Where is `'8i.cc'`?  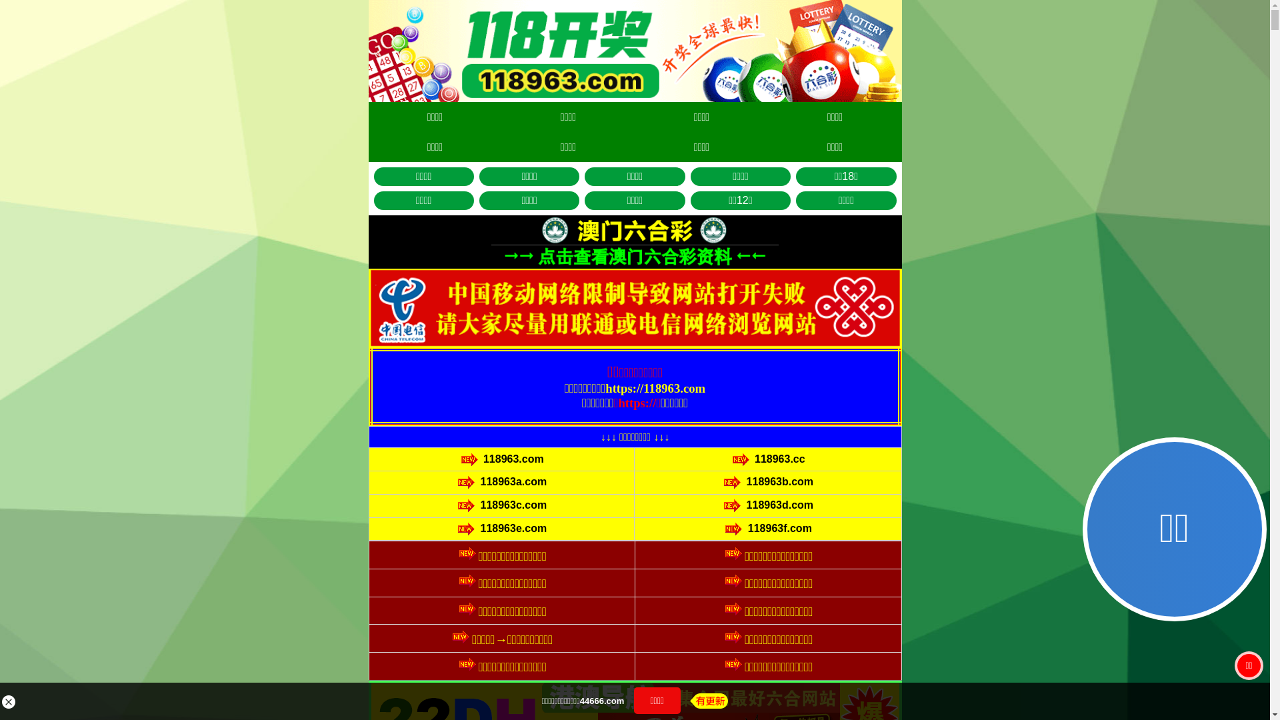 '8i.cc' is located at coordinates (578, 423).